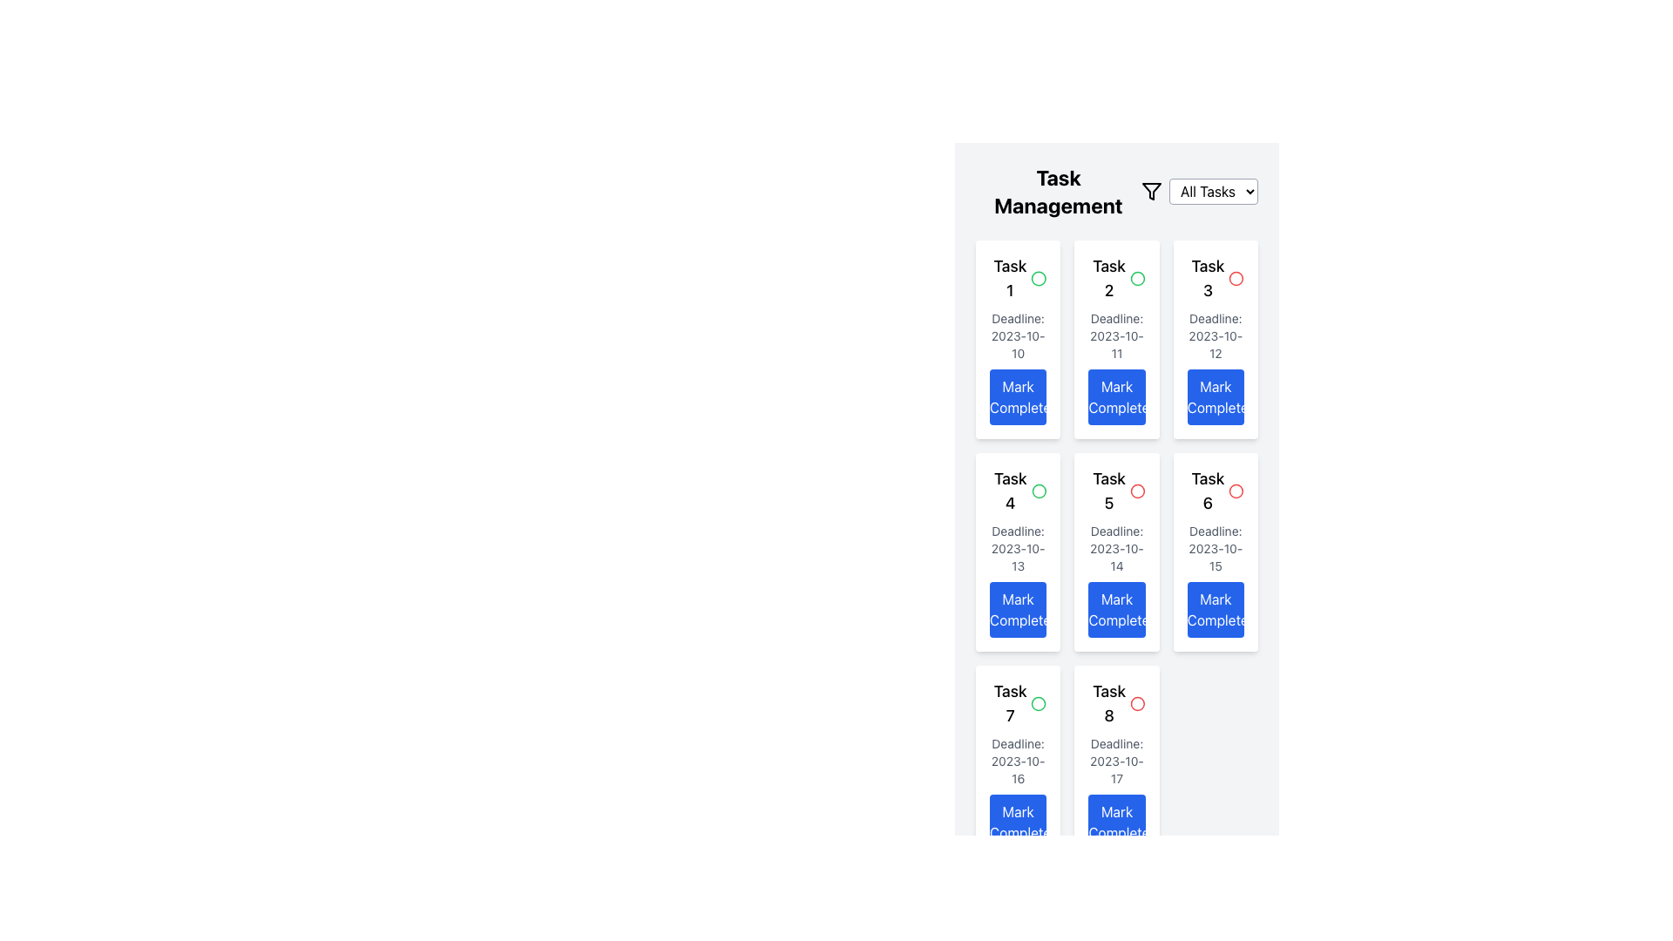  Describe the element at coordinates (1151, 191) in the screenshot. I see `the triangular filter icon located near the top-right of the navigation bar` at that location.